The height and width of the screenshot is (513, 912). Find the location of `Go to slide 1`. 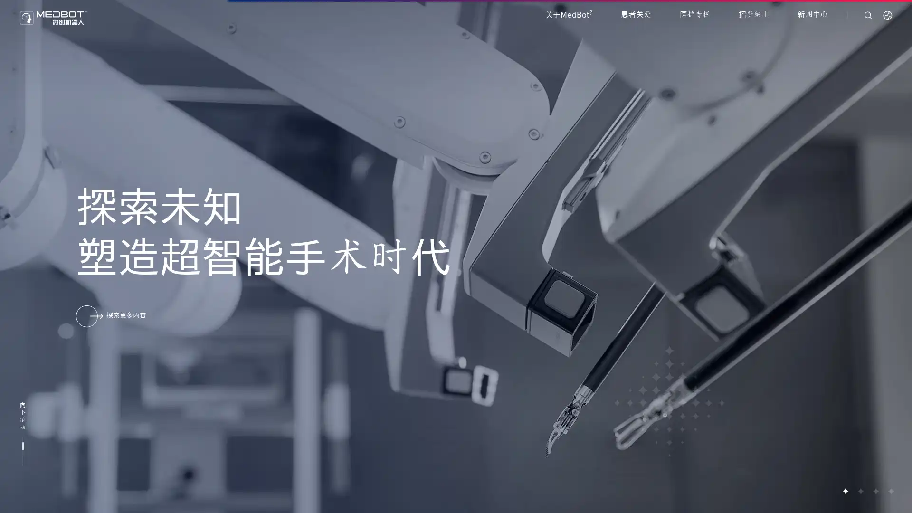

Go to slide 1 is located at coordinates (845, 491).